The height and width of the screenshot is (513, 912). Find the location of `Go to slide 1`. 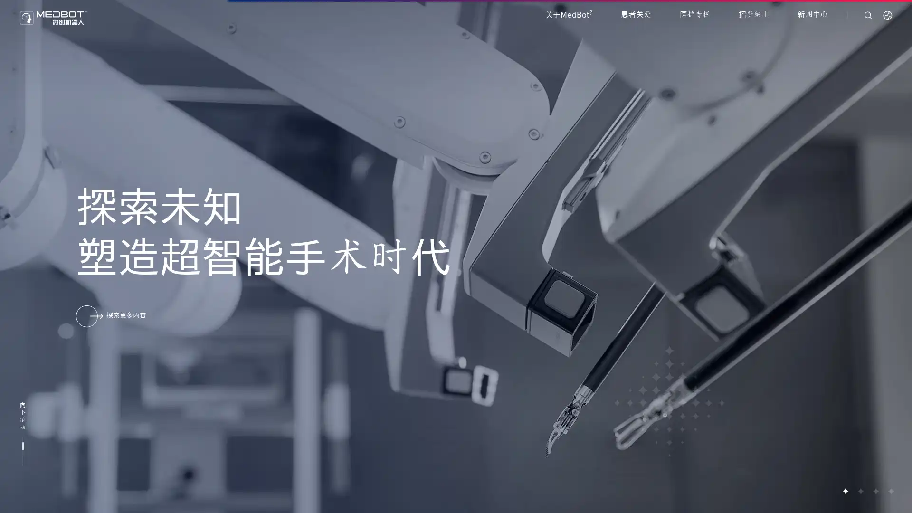

Go to slide 1 is located at coordinates (845, 491).